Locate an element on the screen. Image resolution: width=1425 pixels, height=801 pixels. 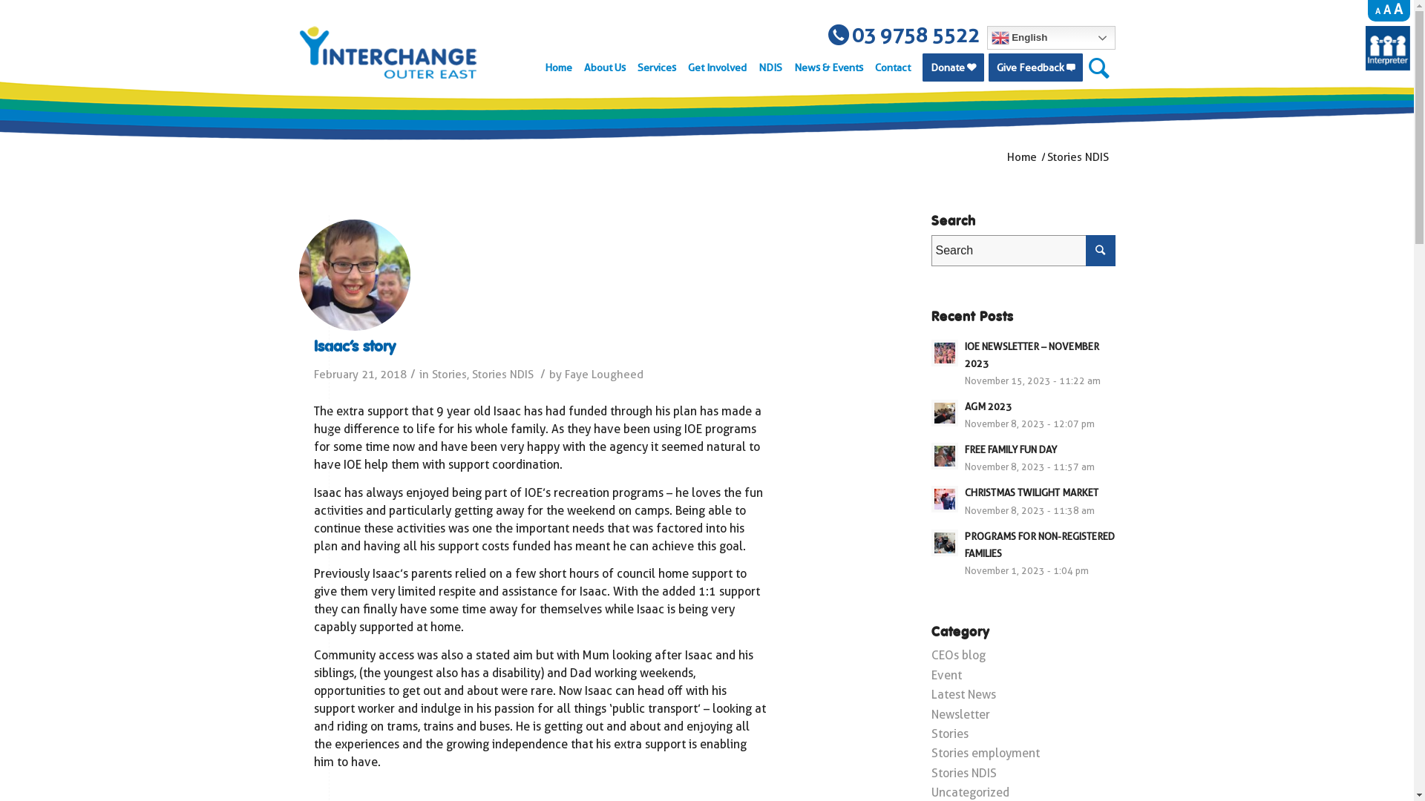
'Translation Services' is located at coordinates (1387, 65).